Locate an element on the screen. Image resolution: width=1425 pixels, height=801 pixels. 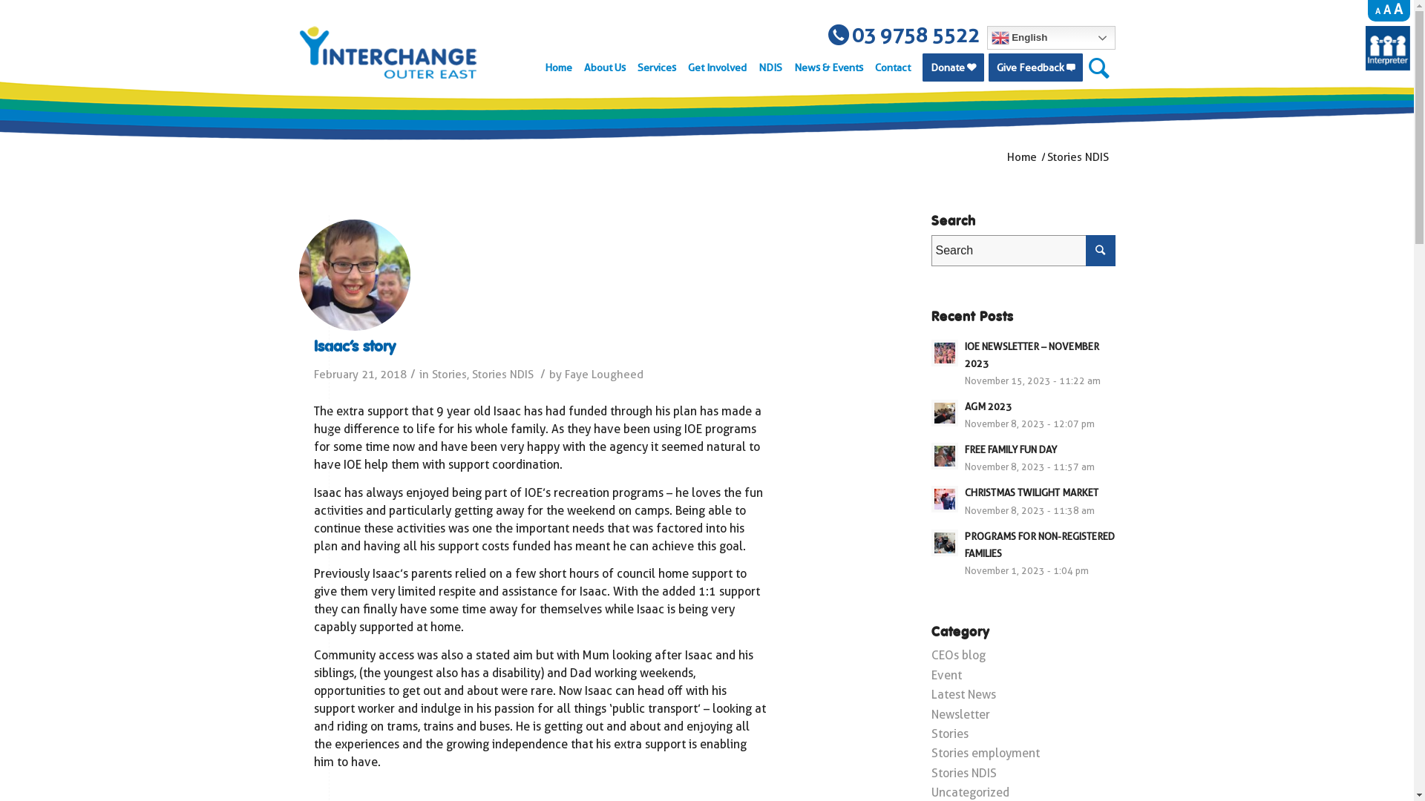
'Translation Services' is located at coordinates (1387, 65).